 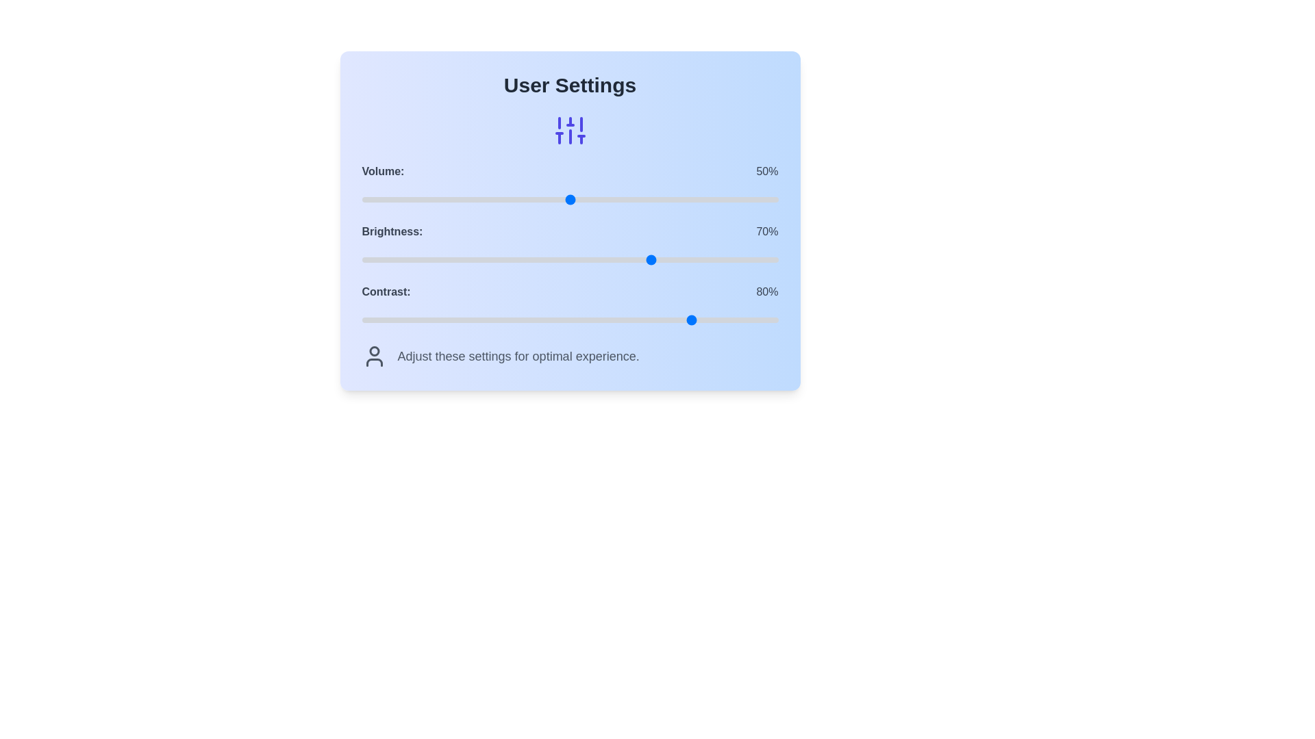 What do you see at coordinates (570, 291) in the screenshot?
I see `the informational text combination element displaying 'Contrast:' and '80%' in the 'User Settings' section, positioned beneath 'Brightness:' and above the contrast slider` at bounding box center [570, 291].